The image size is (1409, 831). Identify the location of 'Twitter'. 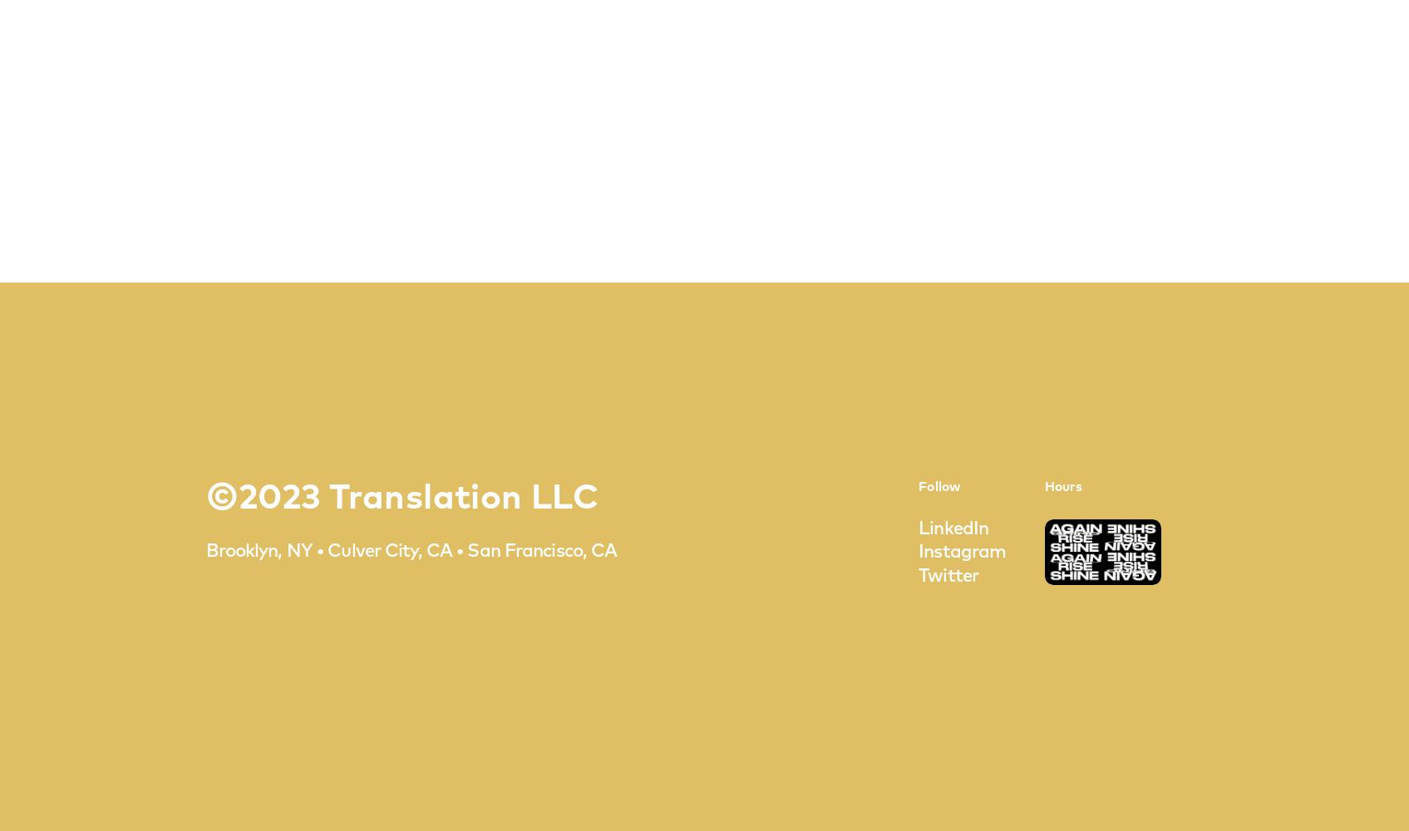
(948, 576).